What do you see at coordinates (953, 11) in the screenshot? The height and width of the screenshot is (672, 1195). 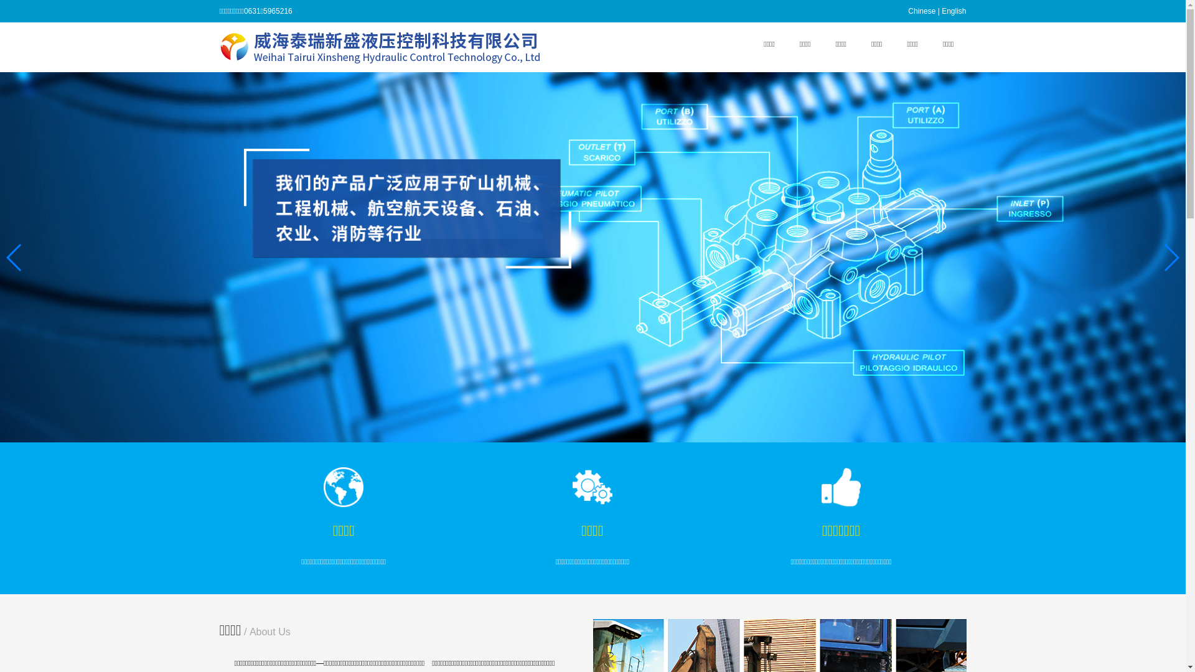 I see `'English'` at bounding box center [953, 11].